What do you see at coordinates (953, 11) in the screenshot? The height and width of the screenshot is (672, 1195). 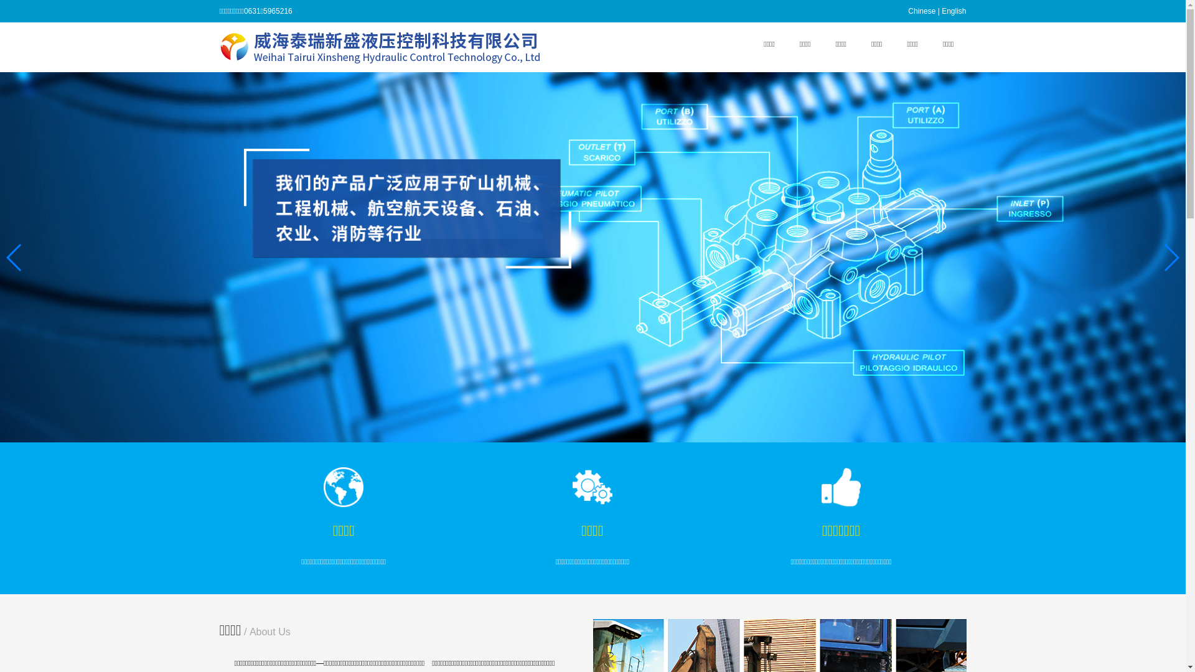 I see `'English'` at bounding box center [953, 11].